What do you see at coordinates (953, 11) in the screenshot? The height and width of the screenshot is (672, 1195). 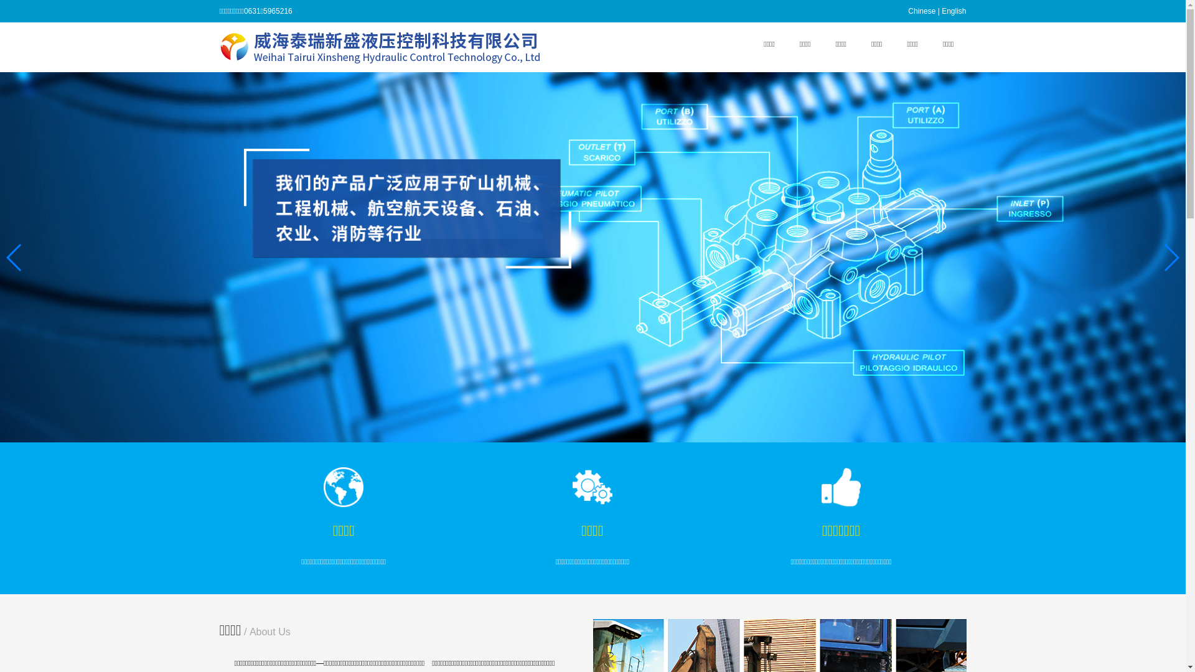 I see `'English'` at bounding box center [953, 11].